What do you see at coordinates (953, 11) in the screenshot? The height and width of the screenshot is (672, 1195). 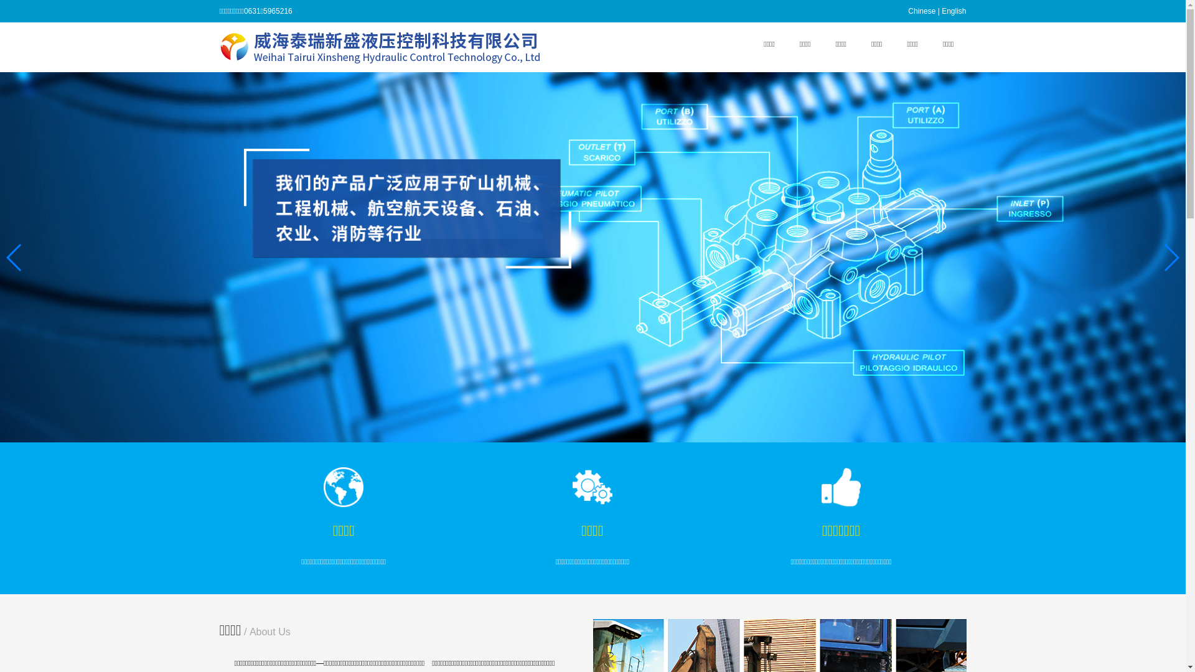 I see `'English'` at bounding box center [953, 11].